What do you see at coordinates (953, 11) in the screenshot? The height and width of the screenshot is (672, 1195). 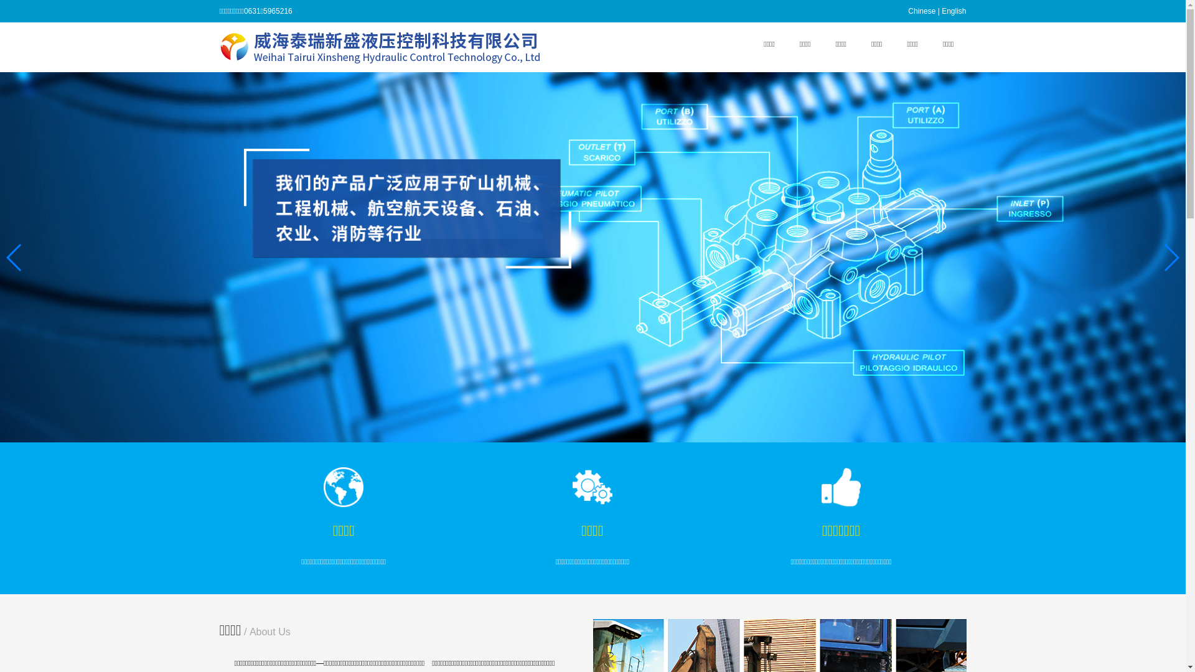 I see `'English'` at bounding box center [953, 11].